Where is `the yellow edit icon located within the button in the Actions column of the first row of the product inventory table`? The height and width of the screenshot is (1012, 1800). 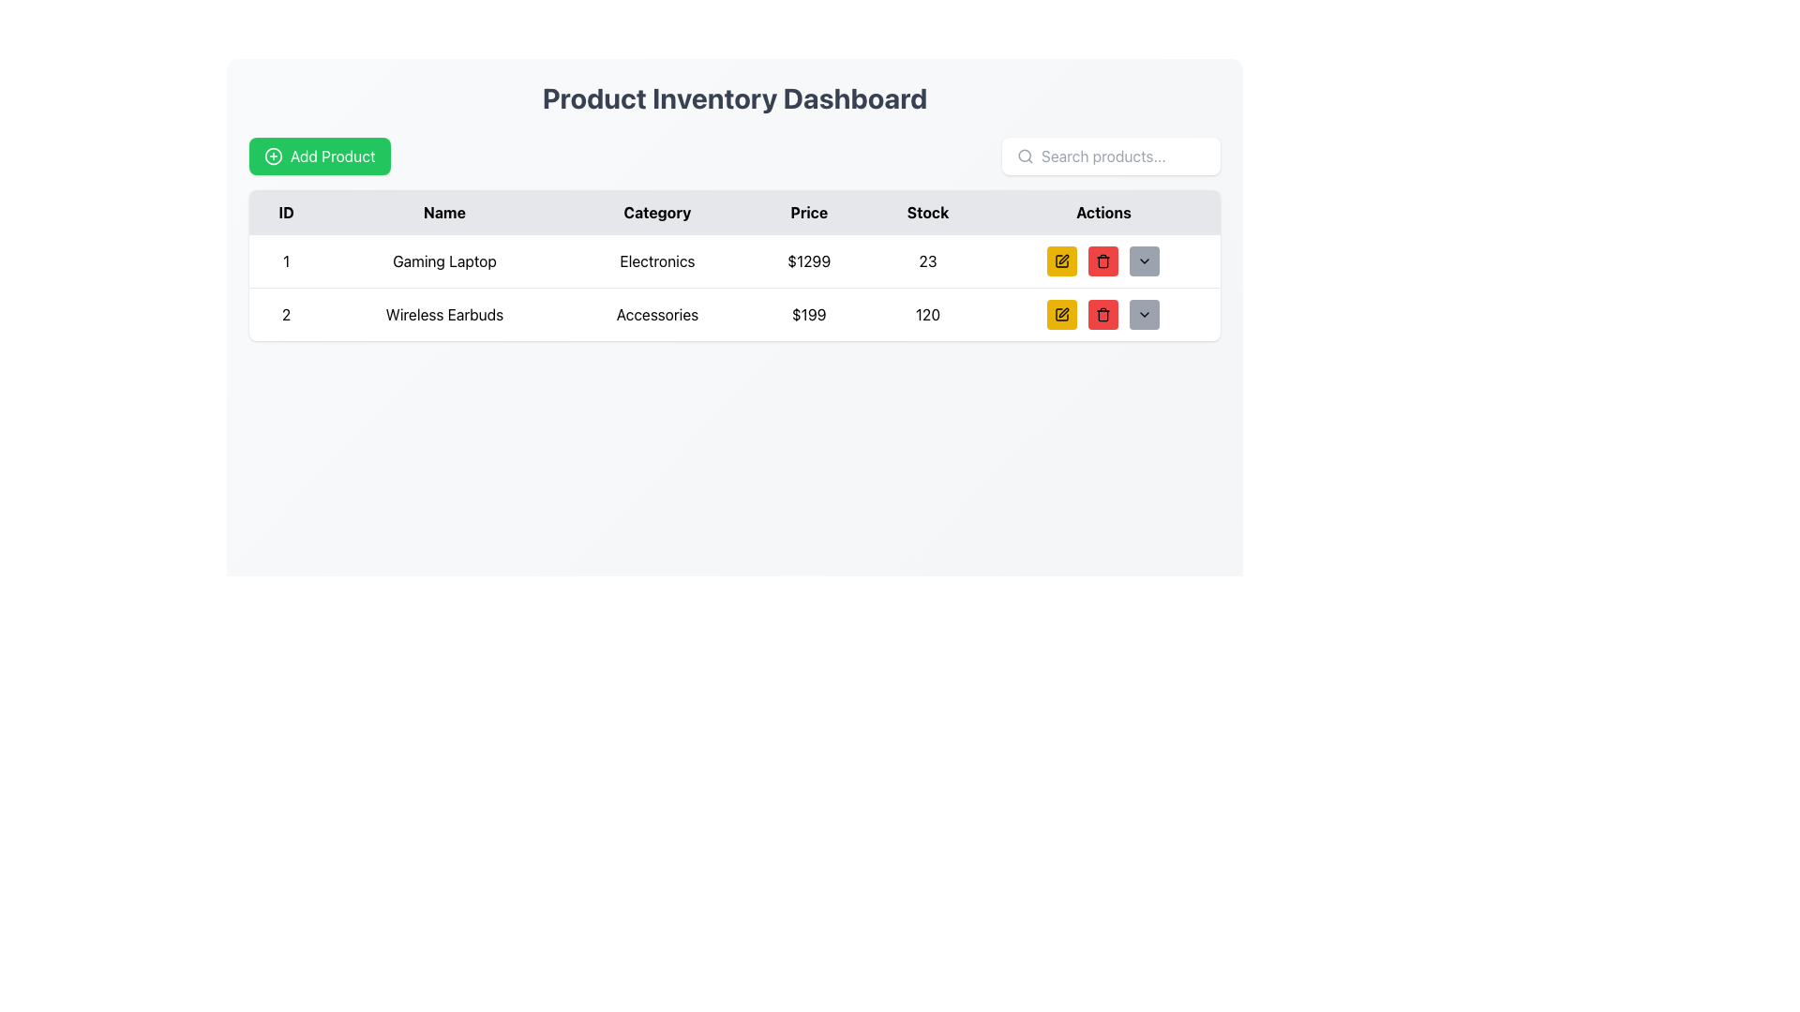 the yellow edit icon located within the button in the Actions column of the first row of the product inventory table is located at coordinates (1064, 260).